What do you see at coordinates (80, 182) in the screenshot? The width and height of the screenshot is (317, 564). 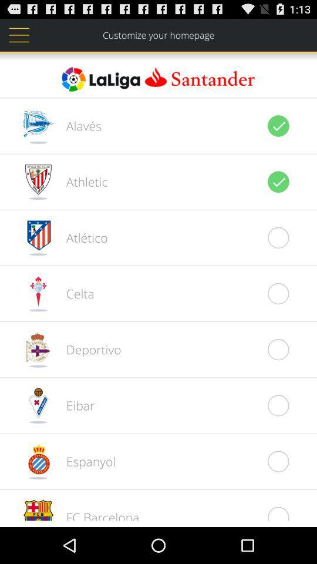 I see `athletic app` at bounding box center [80, 182].